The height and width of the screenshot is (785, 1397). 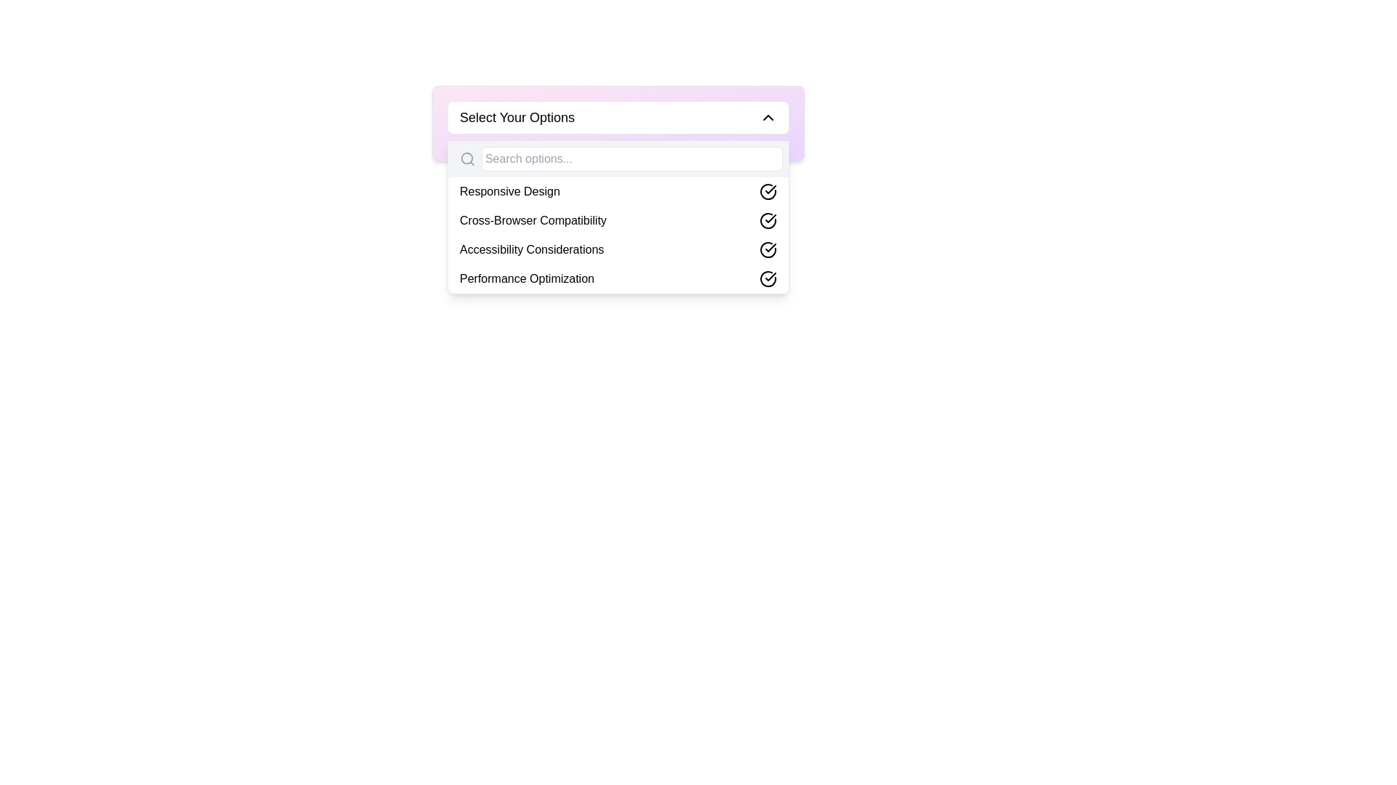 What do you see at coordinates (618, 279) in the screenshot?
I see `the fourth selectable list item with a checkbox in the 'Select Your Options' dropdown menu` at bounding box center [618, 279].